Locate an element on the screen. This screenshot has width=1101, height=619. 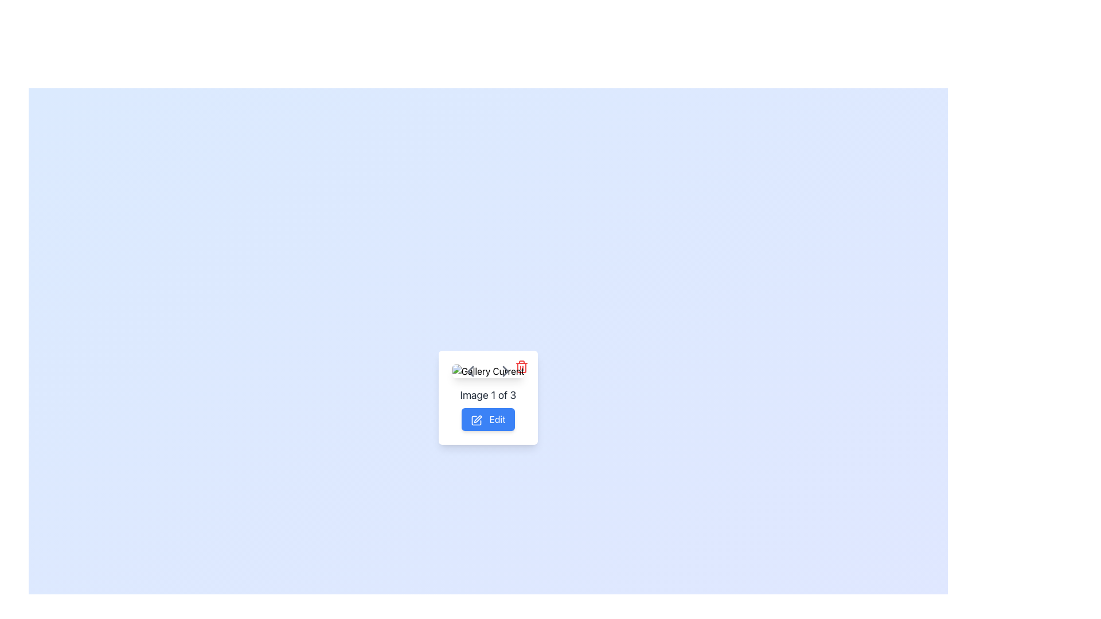
the blue 'Edit' button that contains the edit icon, which is located at the bottom of a card-like structure is located at coordinates (477, 420).